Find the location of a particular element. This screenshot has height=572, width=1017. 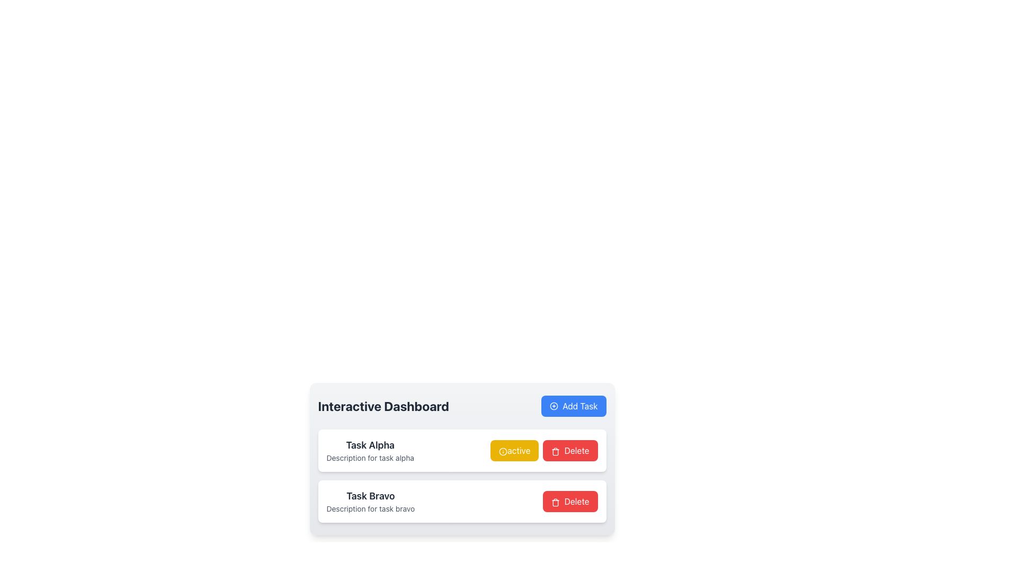

the circular blue icon with a plus sign inside it, located to the left of the 'Add Task' text on the button in the top-right corner of the main content section is located at coordinates (554, 406).